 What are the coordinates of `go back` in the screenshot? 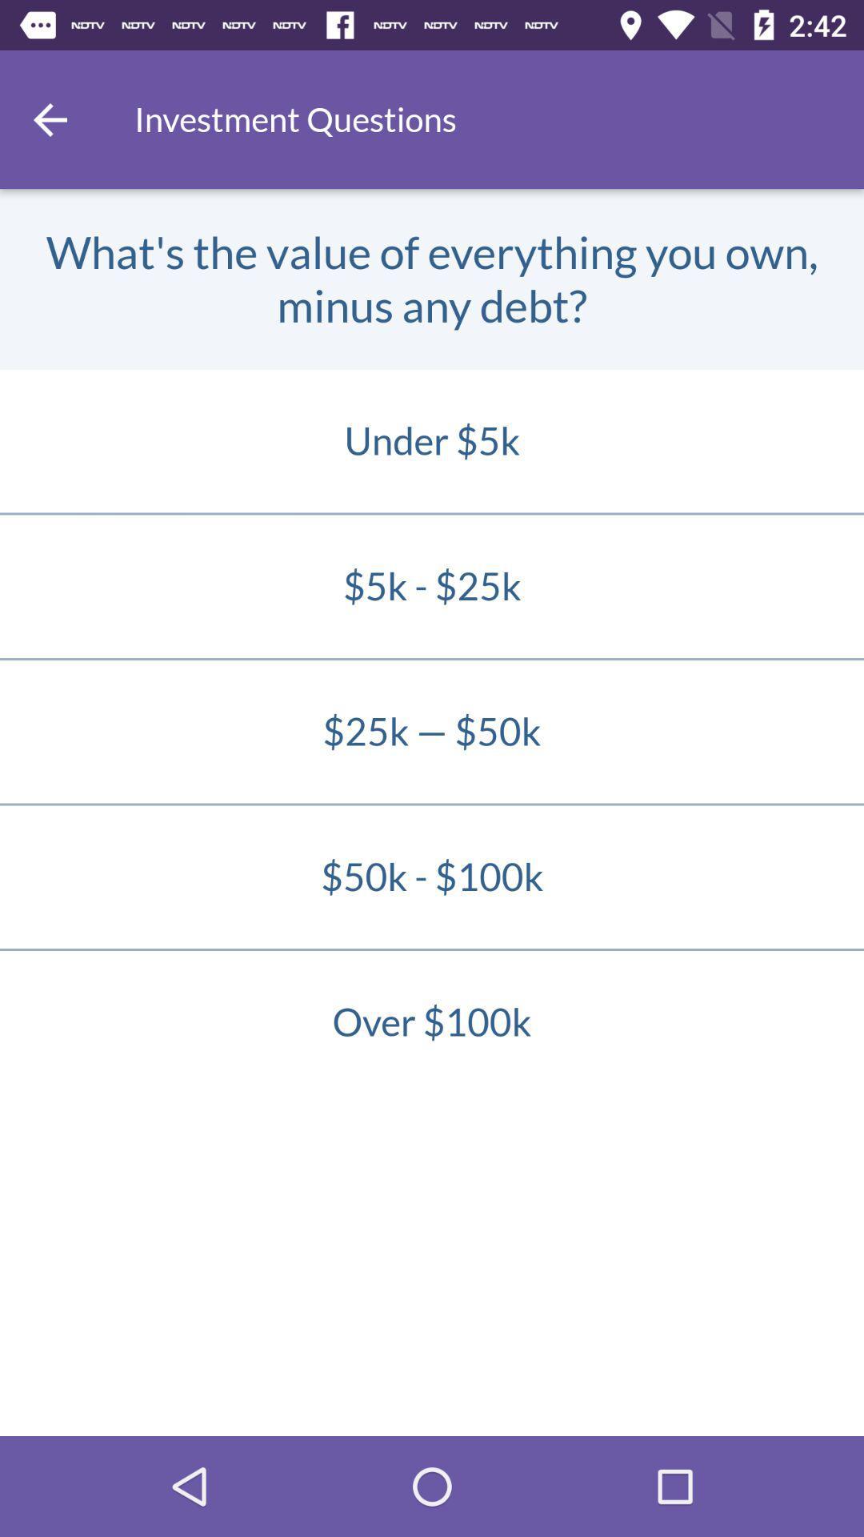 It's located at (49, 118).